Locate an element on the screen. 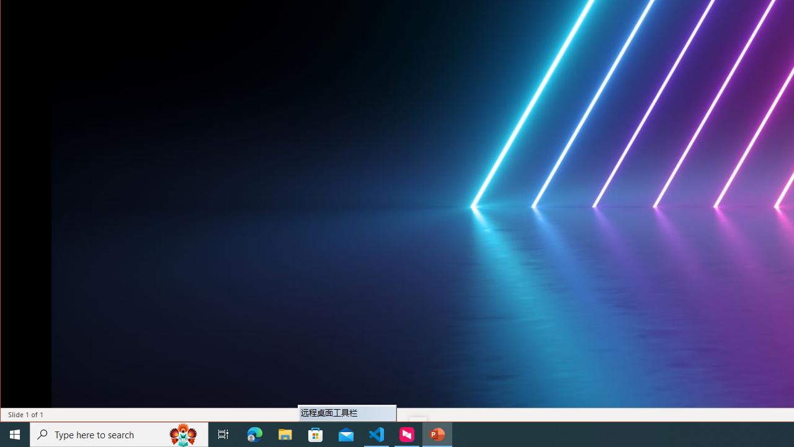  'Type here to search' is located at coordinates (119, 433).